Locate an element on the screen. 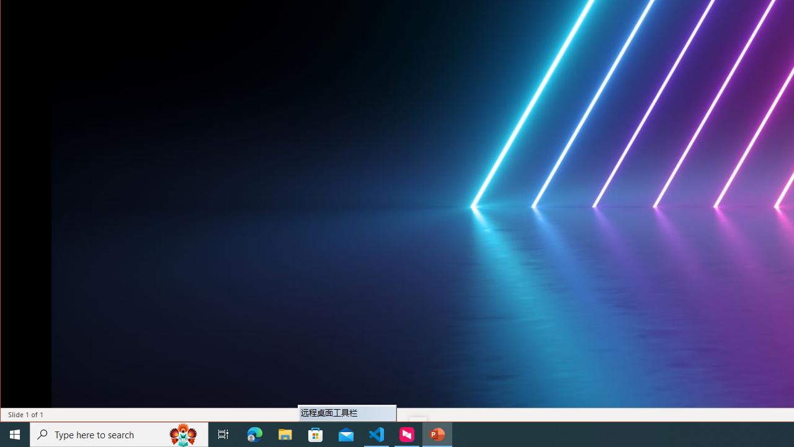  'Type here to search' is located at coordinates (119, 433).